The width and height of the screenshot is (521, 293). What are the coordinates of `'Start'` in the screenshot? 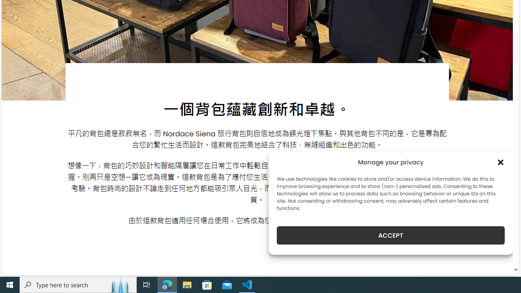 It's located at (10, 284).